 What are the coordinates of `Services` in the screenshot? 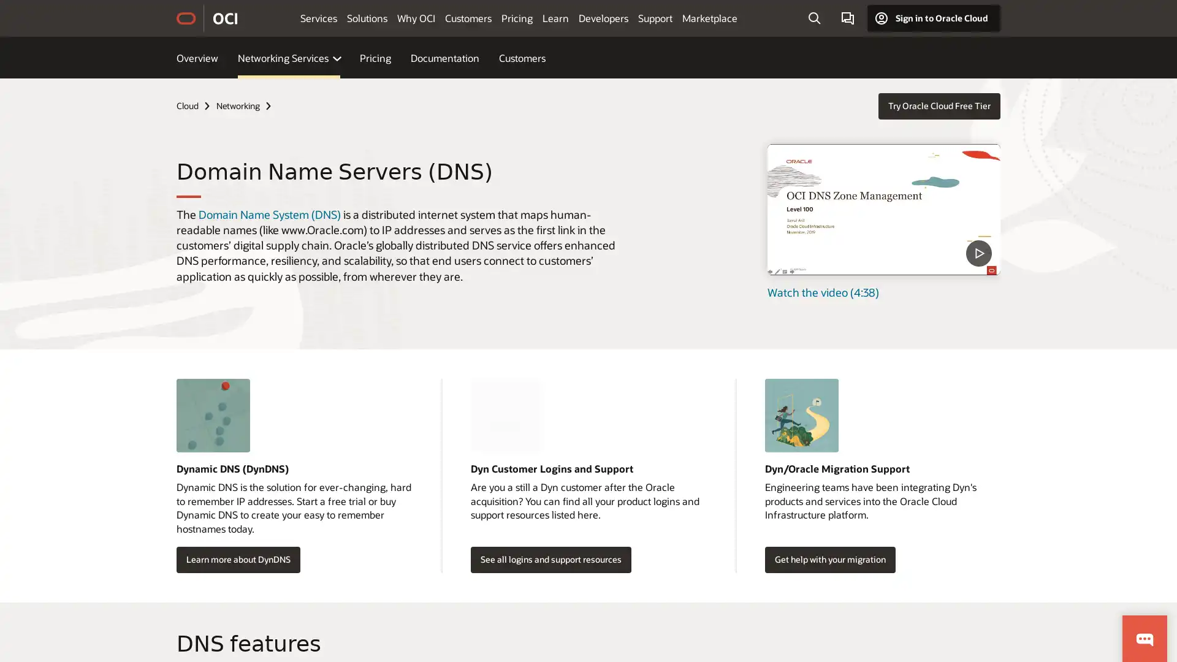 It's located at (318, 18).